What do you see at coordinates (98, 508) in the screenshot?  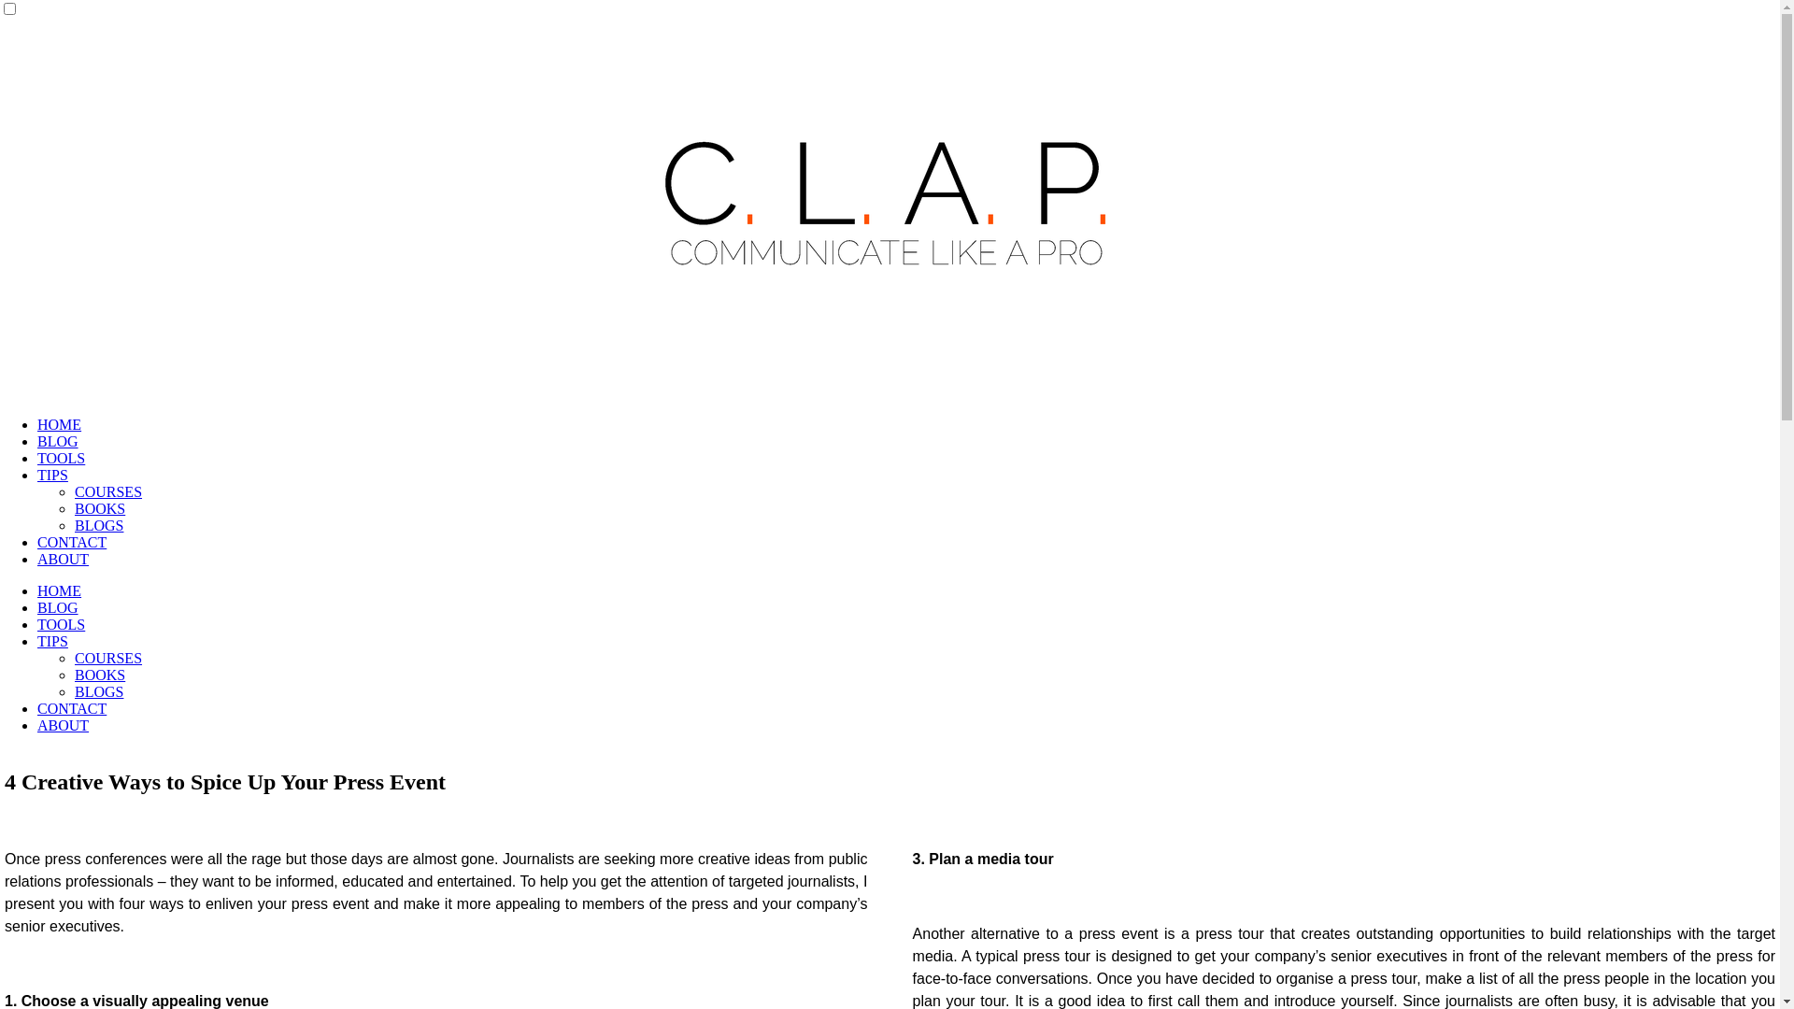 I see `'BOOKS'` at bounding box center [98, 508].